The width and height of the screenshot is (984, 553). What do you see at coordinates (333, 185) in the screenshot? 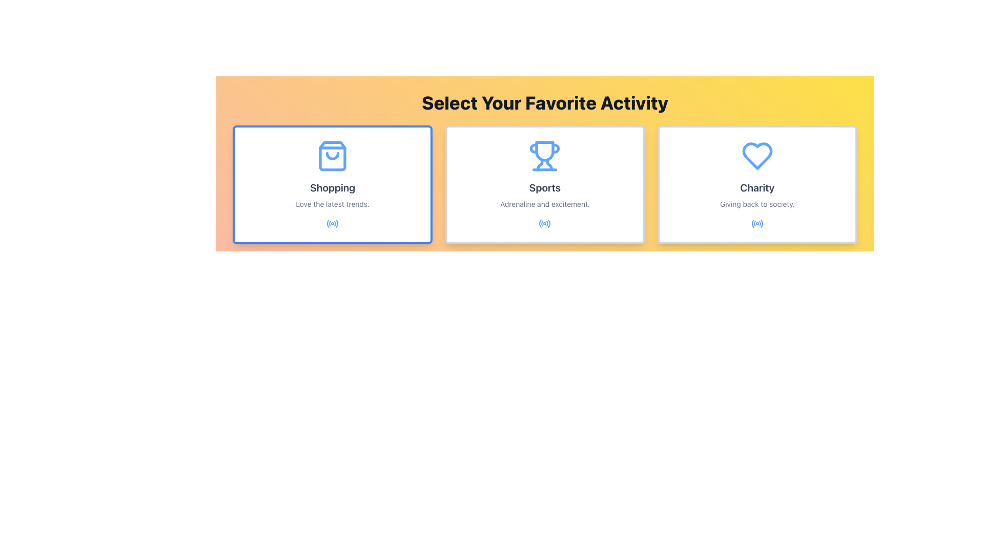
I see `the 'Shopping' card, which is the first card in a horizontally aligned grid of three, featuring a blue shopping bag icon and the text 'Shopping' in black` at bounding box center [333, 185].